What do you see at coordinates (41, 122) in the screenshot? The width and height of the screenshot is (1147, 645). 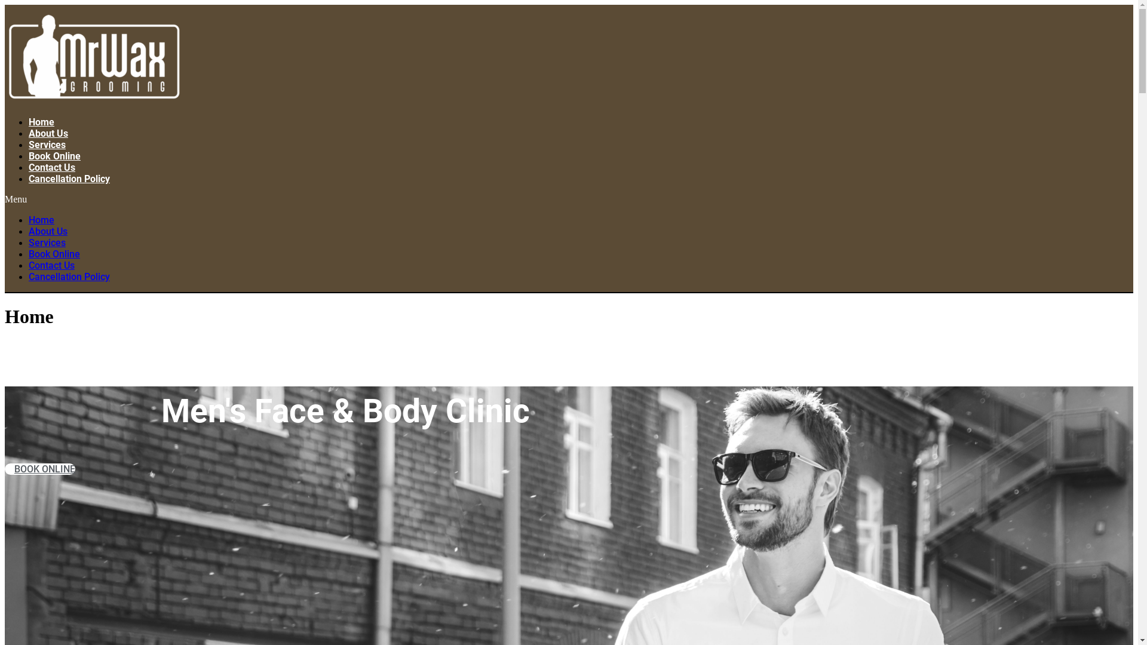 I see `'Home'` at bounding box center [41, 122].